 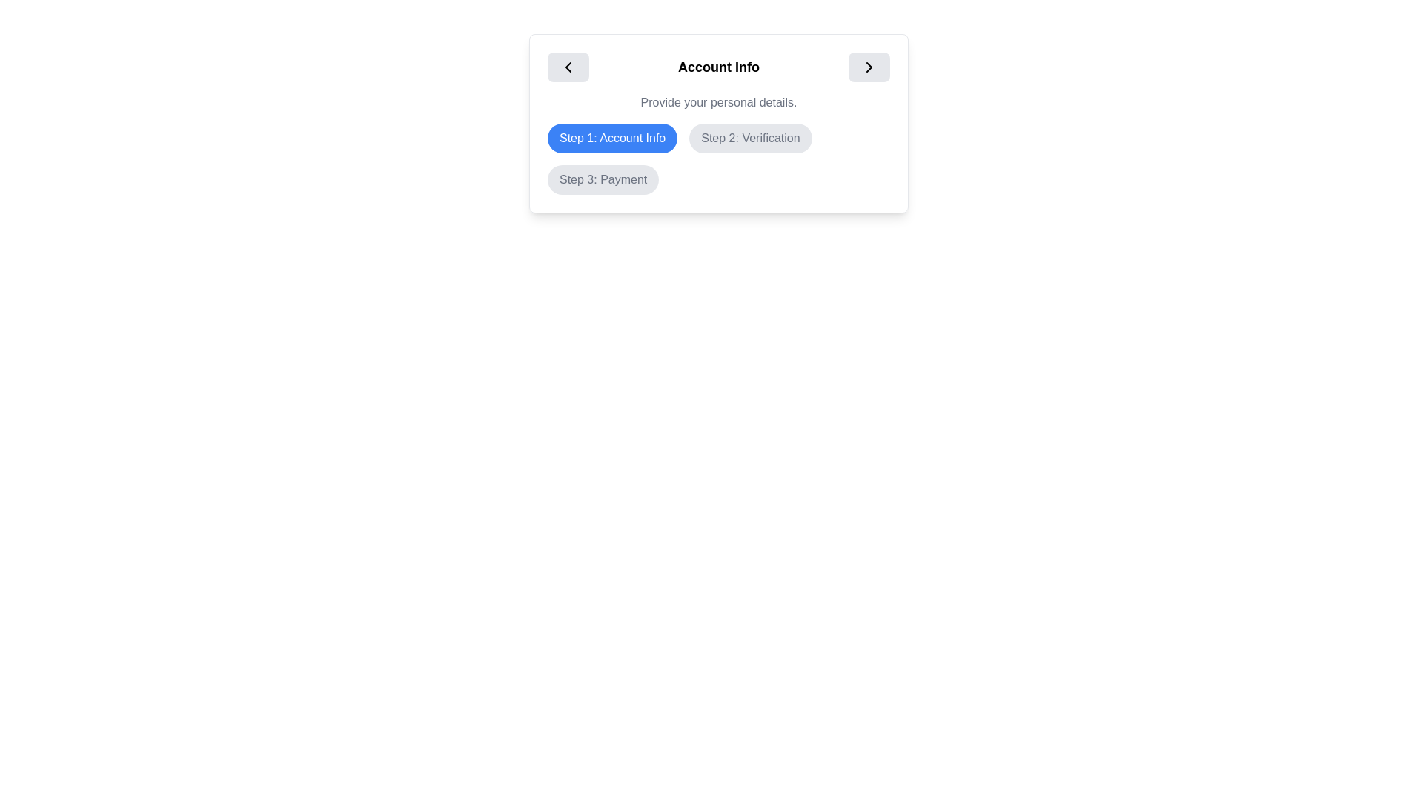 I want to click on the chevron-right icon, which is a small rightward-pointing arrow with a black stroke located within a gray circular button in the top-right corner of the central card layout, so click(x=869, y=67).